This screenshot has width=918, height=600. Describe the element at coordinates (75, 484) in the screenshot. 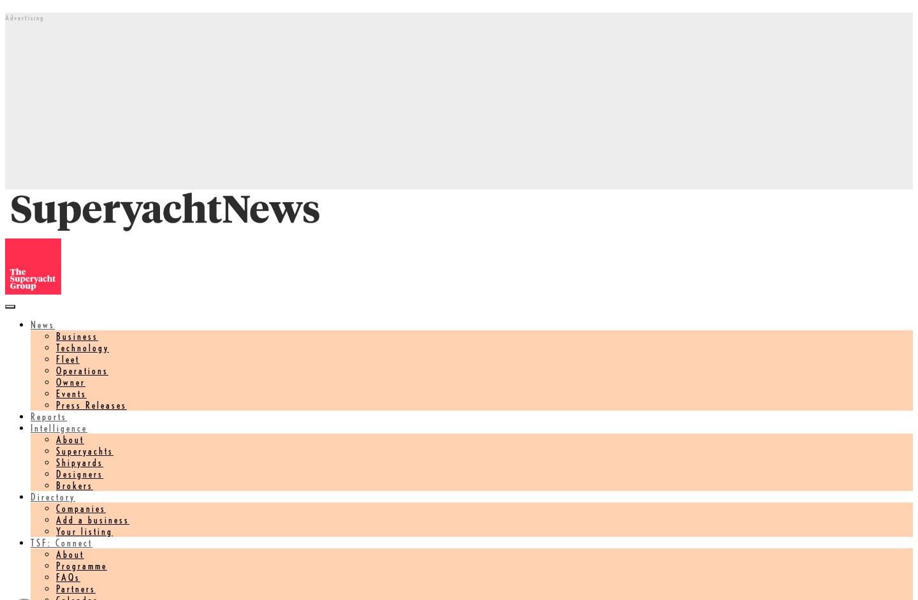

I see `'Brokers'` at that location.